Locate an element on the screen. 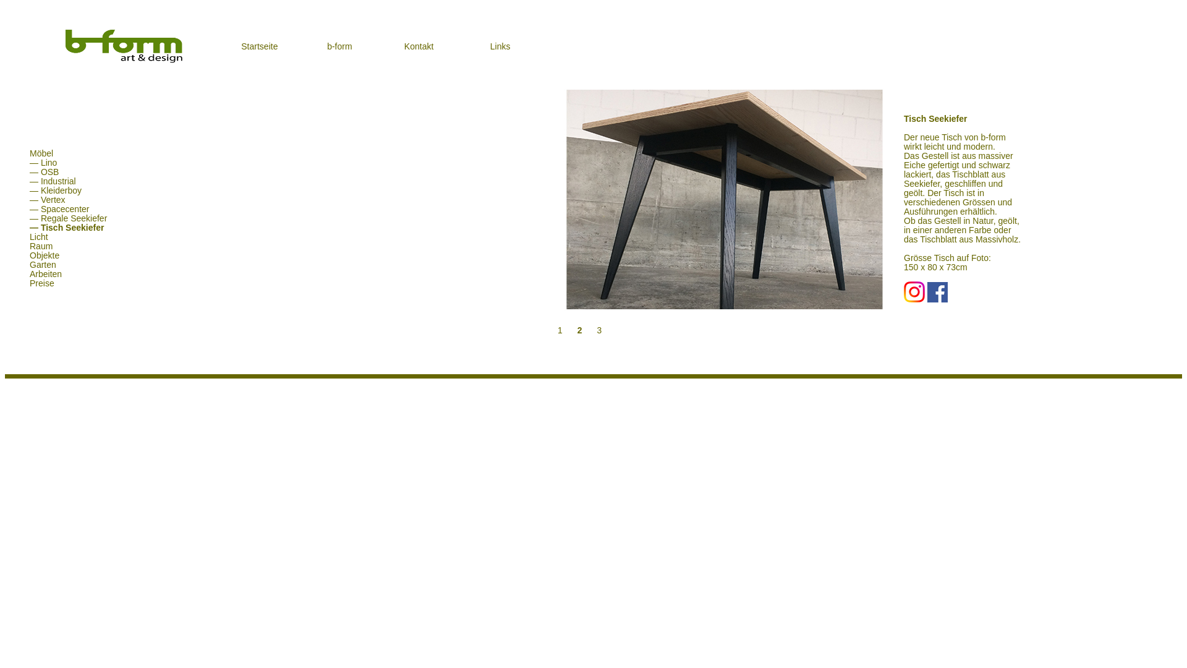 This screenshot has height=668, width=1187. '1' is located at coordinates (554, 329).